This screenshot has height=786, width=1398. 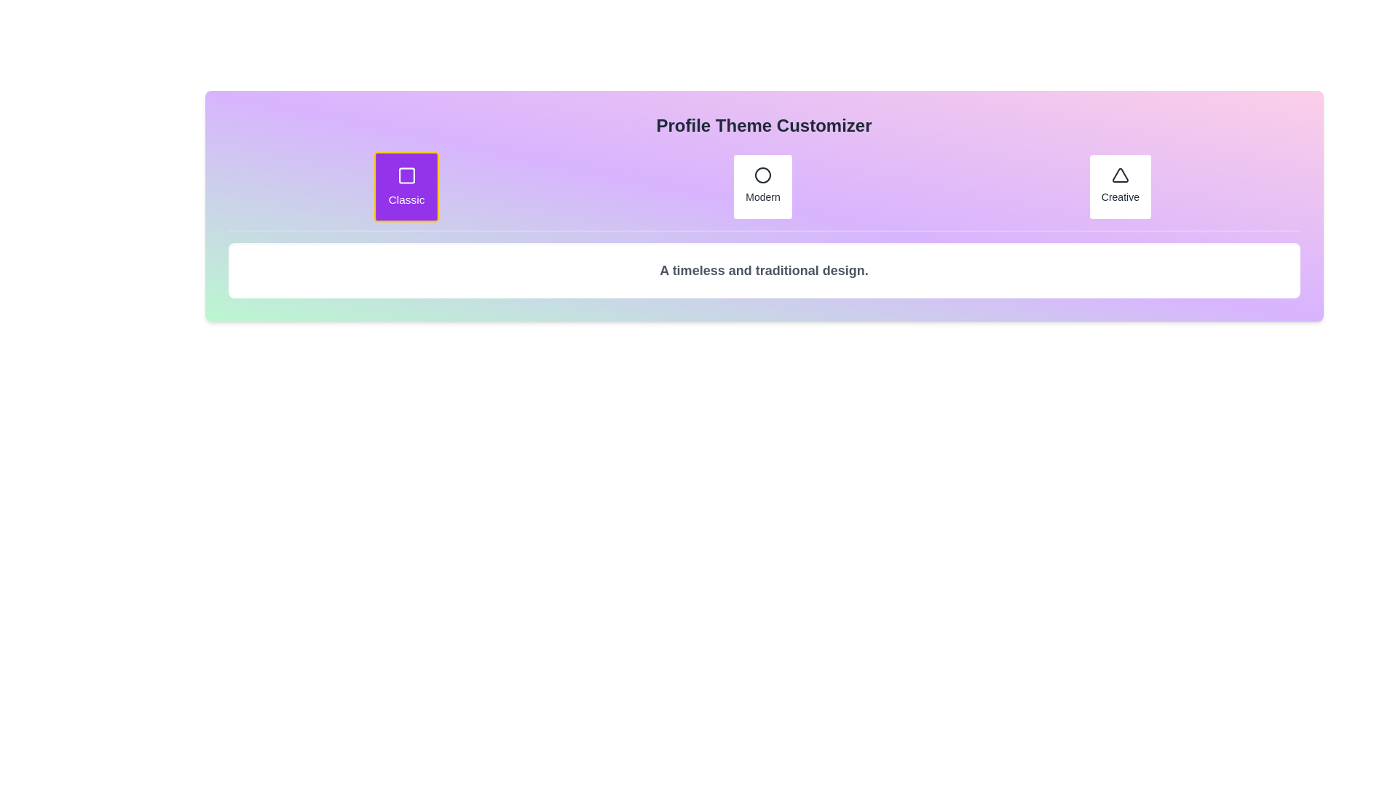 I want to click on the 'Creative' text label, which is displayed in a small, slightly bold font below a triangular icon within a card-like structure located to the far right of a row of similar elements, so click(x=1119, y=196).